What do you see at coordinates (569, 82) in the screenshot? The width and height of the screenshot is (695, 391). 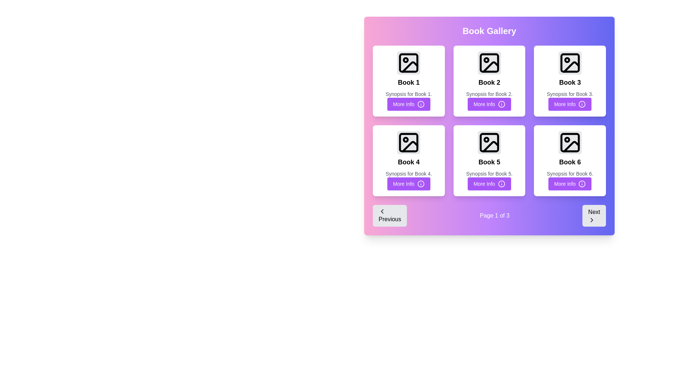 I see `title text label of the book card located in the top row, third column of the book gallery` at bounding box center [569, 82].